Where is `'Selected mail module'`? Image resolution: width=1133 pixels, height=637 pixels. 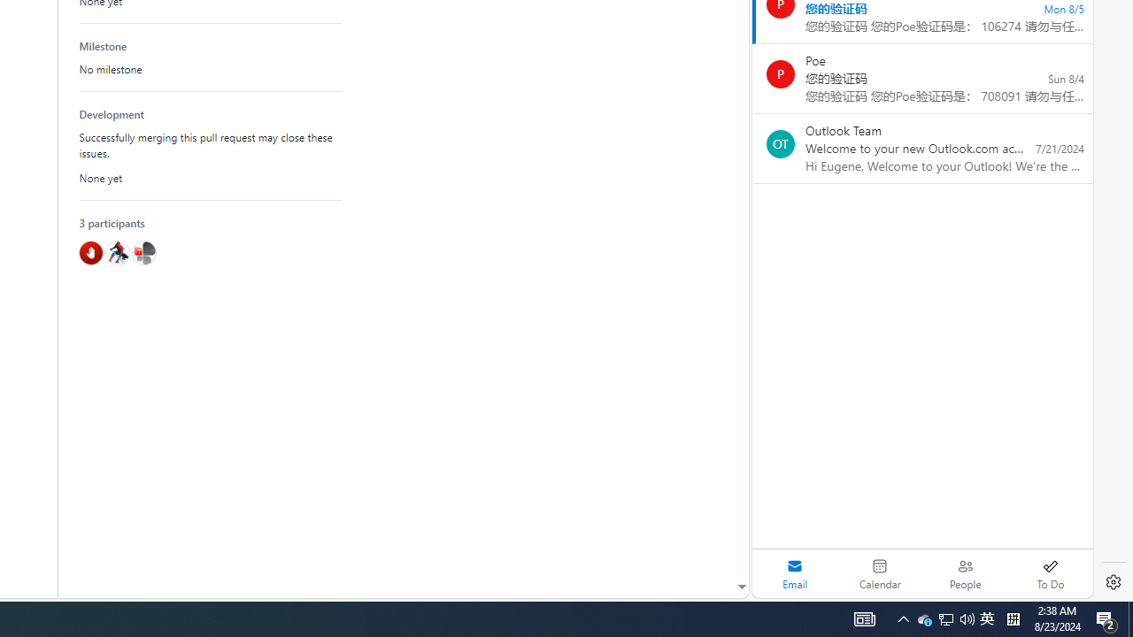
'Selected mail module' is located at coordinates (794, 573).